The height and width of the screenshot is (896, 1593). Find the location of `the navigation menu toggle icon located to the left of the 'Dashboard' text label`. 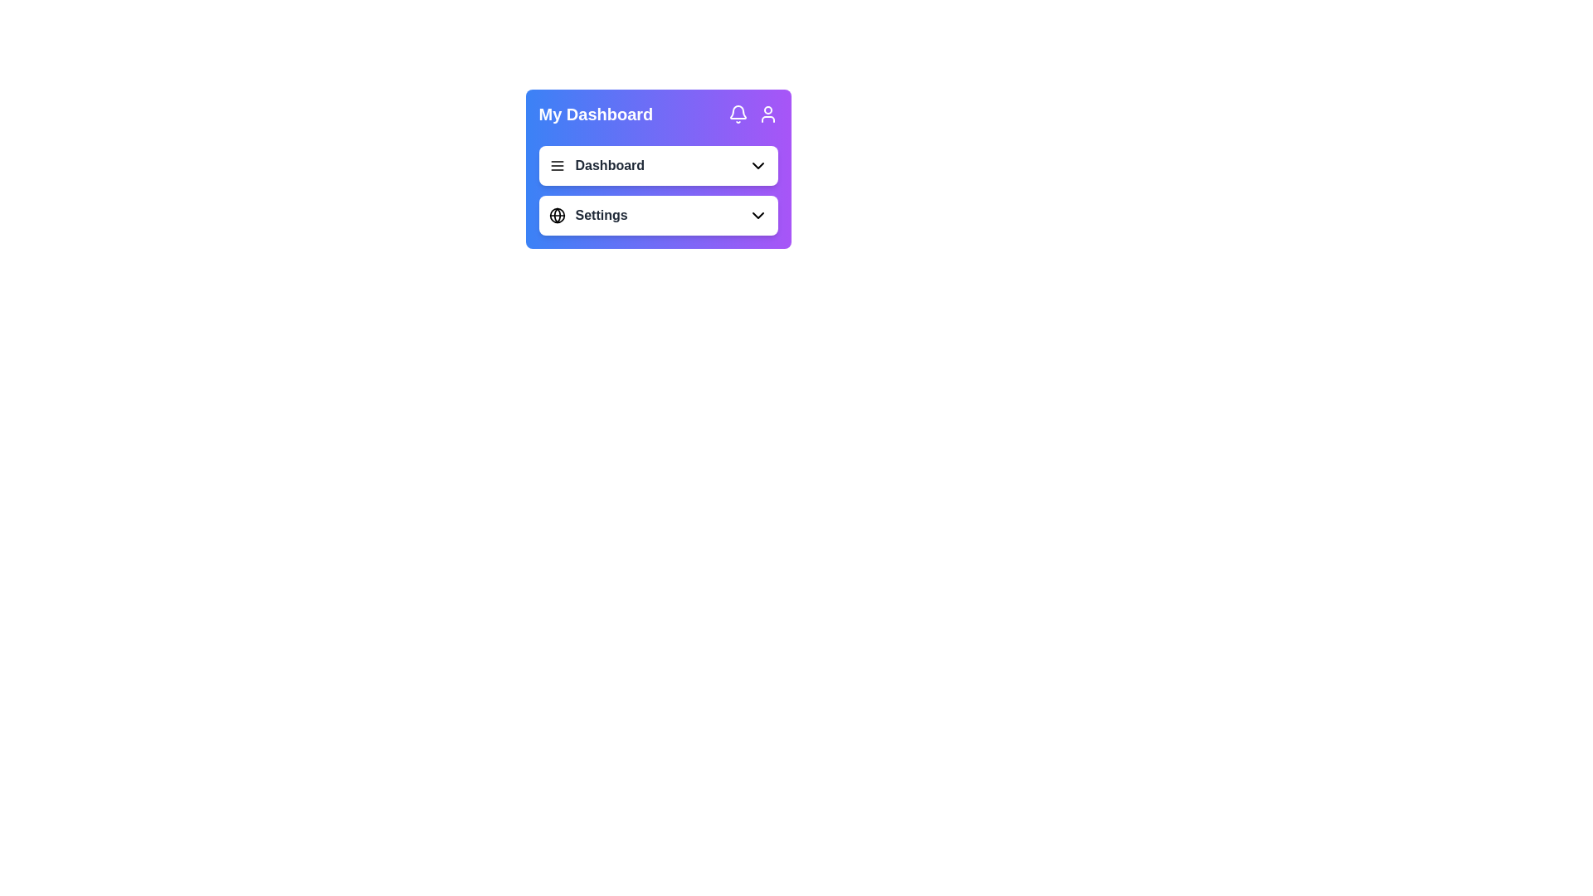

the navigation menu toggle icon located to the left of the 'Dashboard' text label is located at coordinates (557, 166).